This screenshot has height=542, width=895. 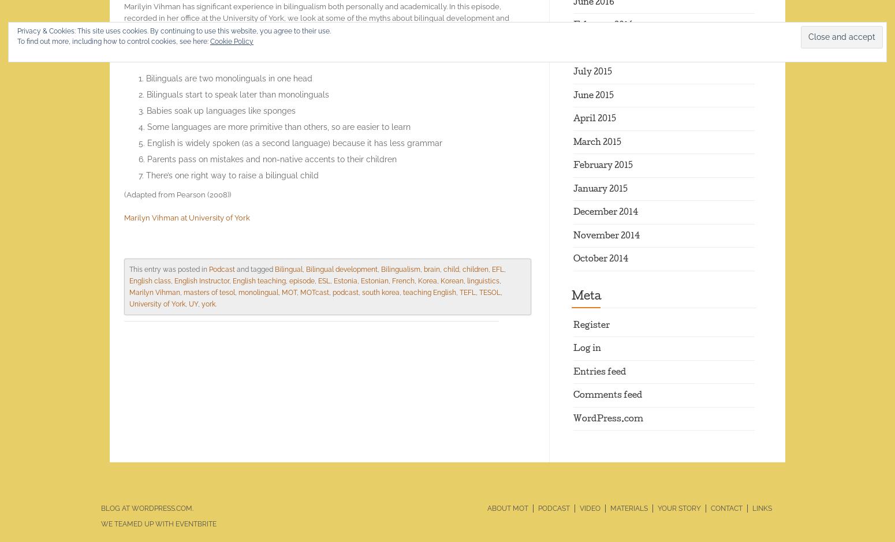 I want to click on 'French', so click(x=403, y=280).